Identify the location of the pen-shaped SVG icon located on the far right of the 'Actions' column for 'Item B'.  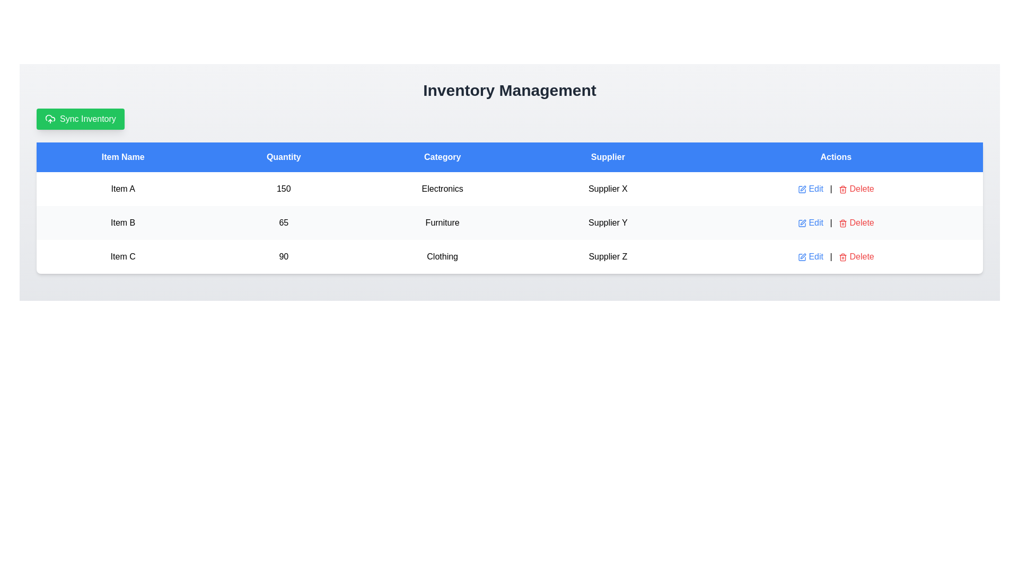
(803, 221).